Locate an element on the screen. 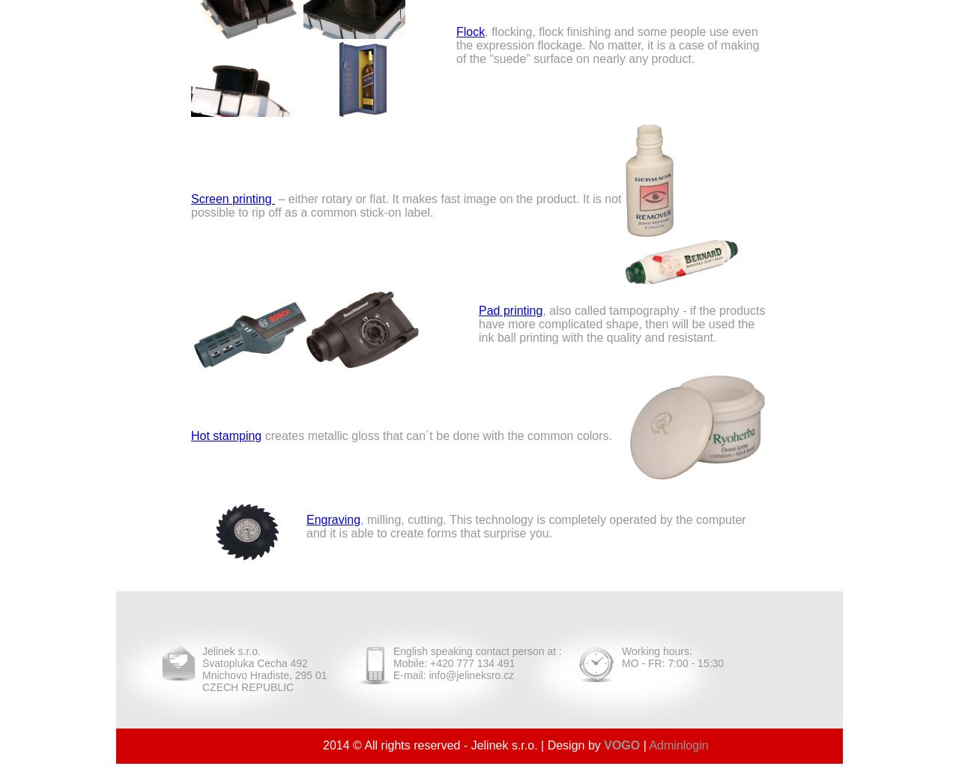  'Flock' is located at coordinates (469, 31).